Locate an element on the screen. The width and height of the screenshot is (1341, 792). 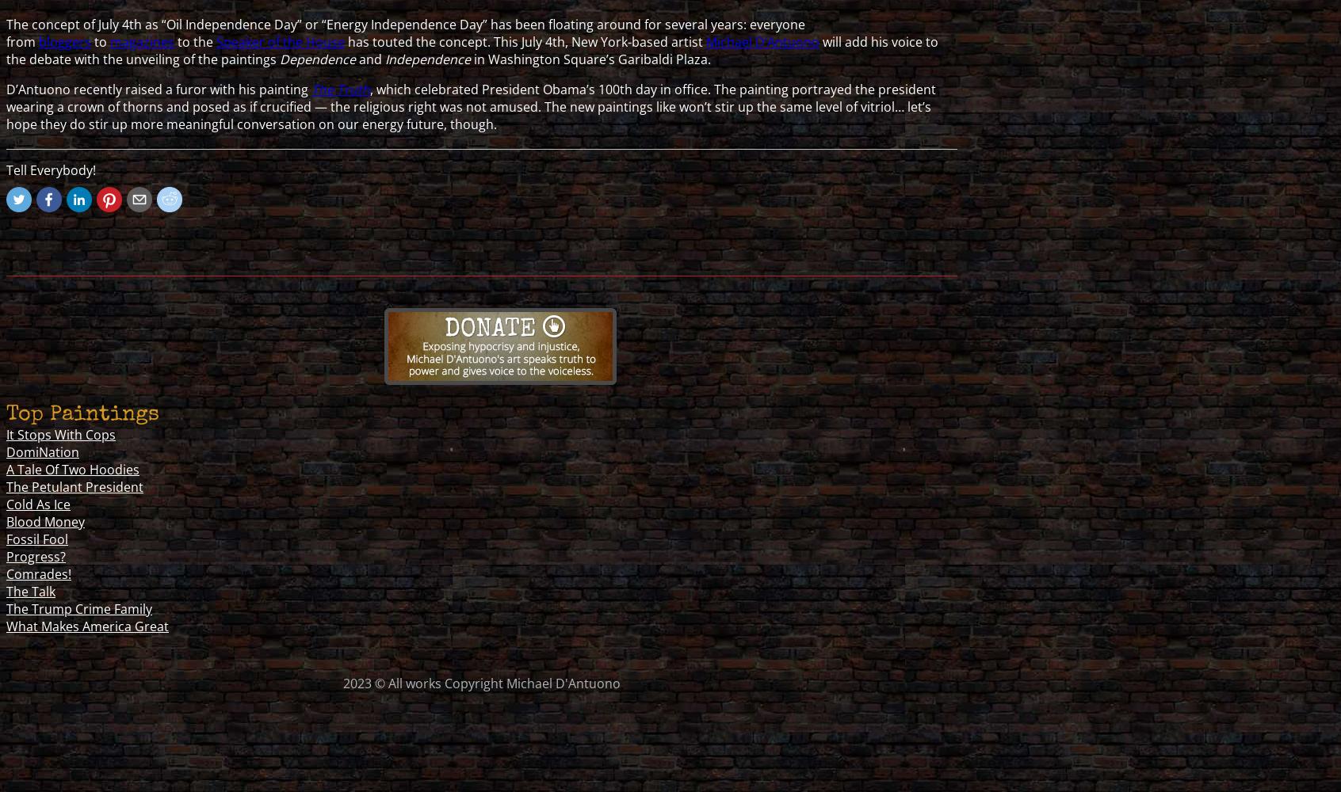
'D’Antuono recently raised a furor with his painting' is located at coordinates (158, 88).